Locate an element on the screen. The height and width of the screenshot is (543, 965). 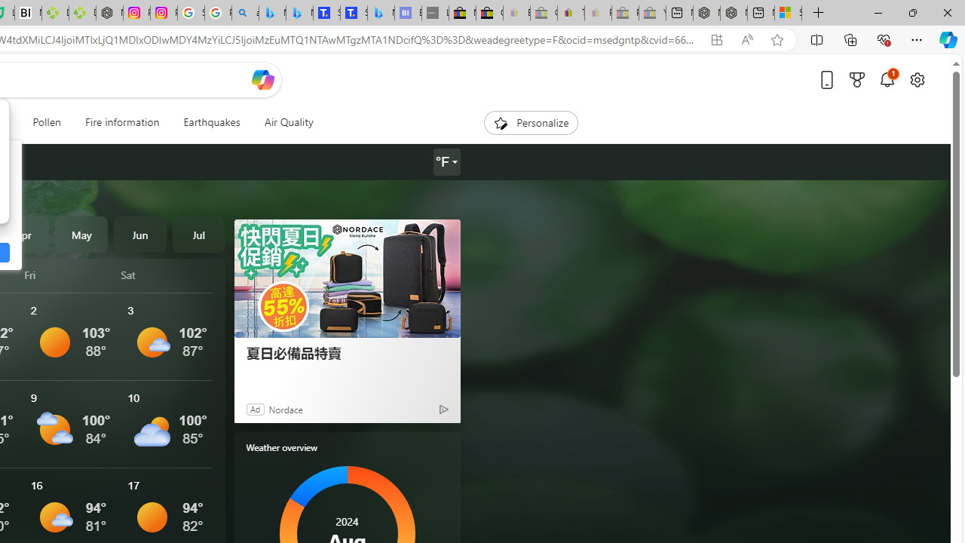
'Jun' is located at coordinates (140, 235).